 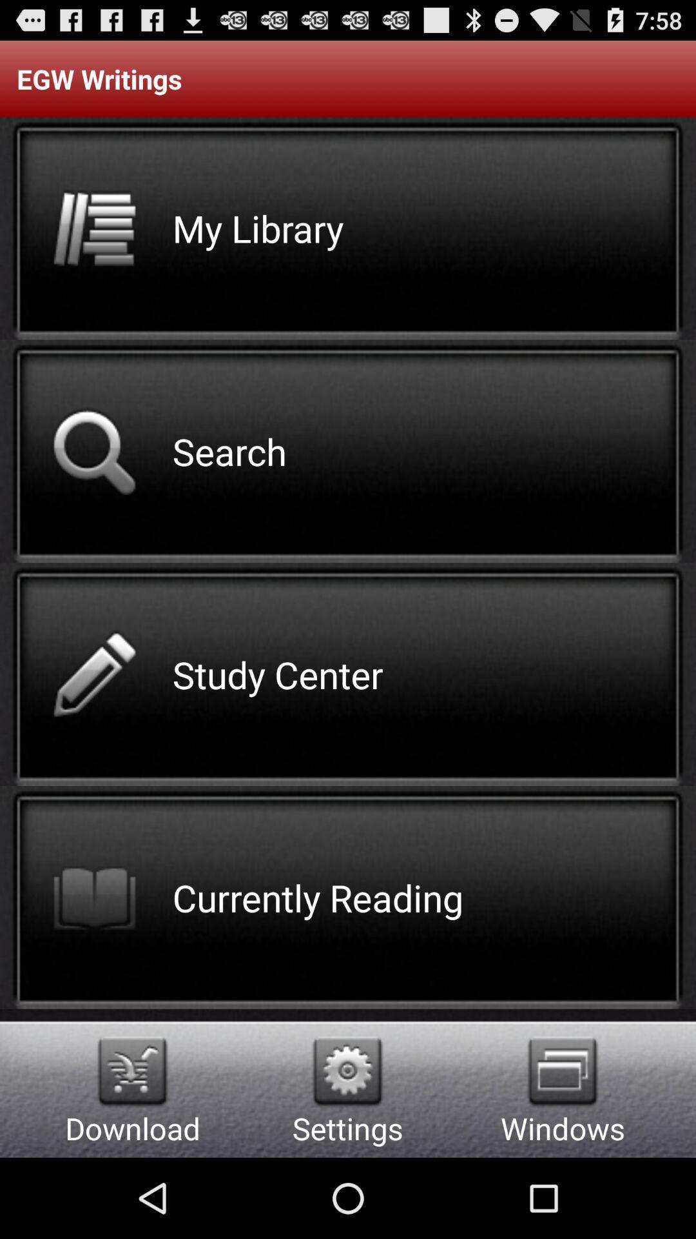 What do you see at coordinates (132, 1071) in the screenshot?
I see `download` at bounding box center [132, 1071].